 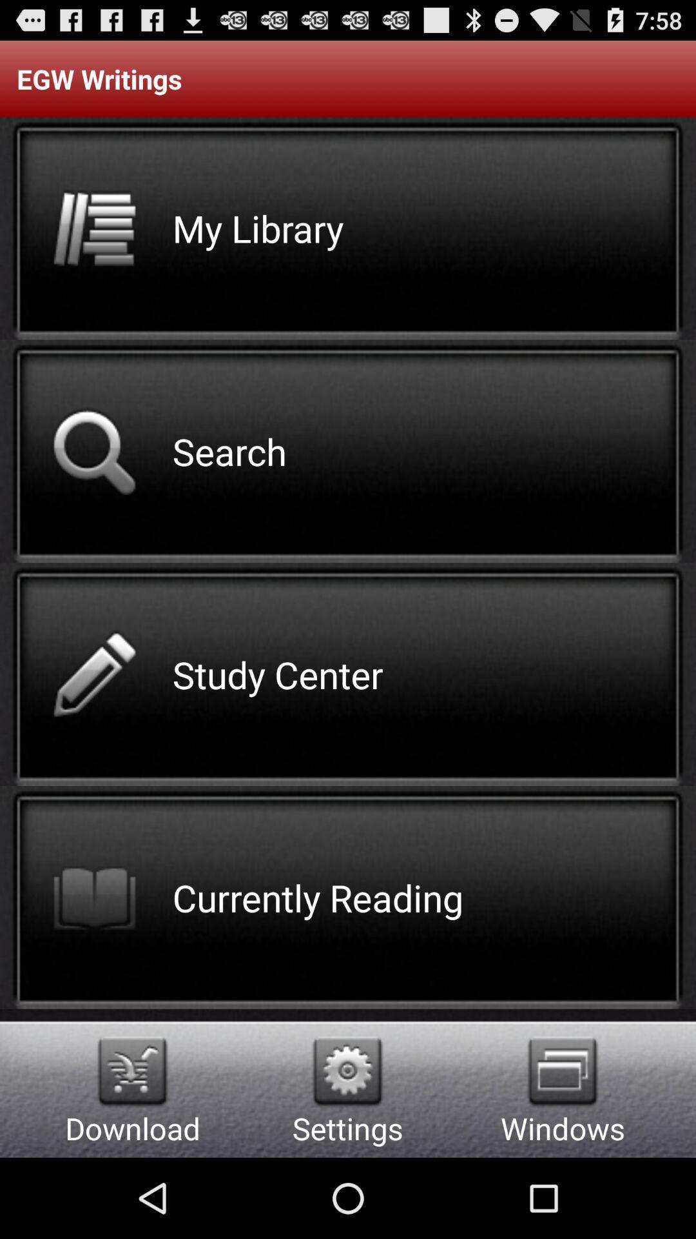 What do you see at coordinates (132, 1071) in the screenshot?
I see `download` at bounding box center [132, 1071].